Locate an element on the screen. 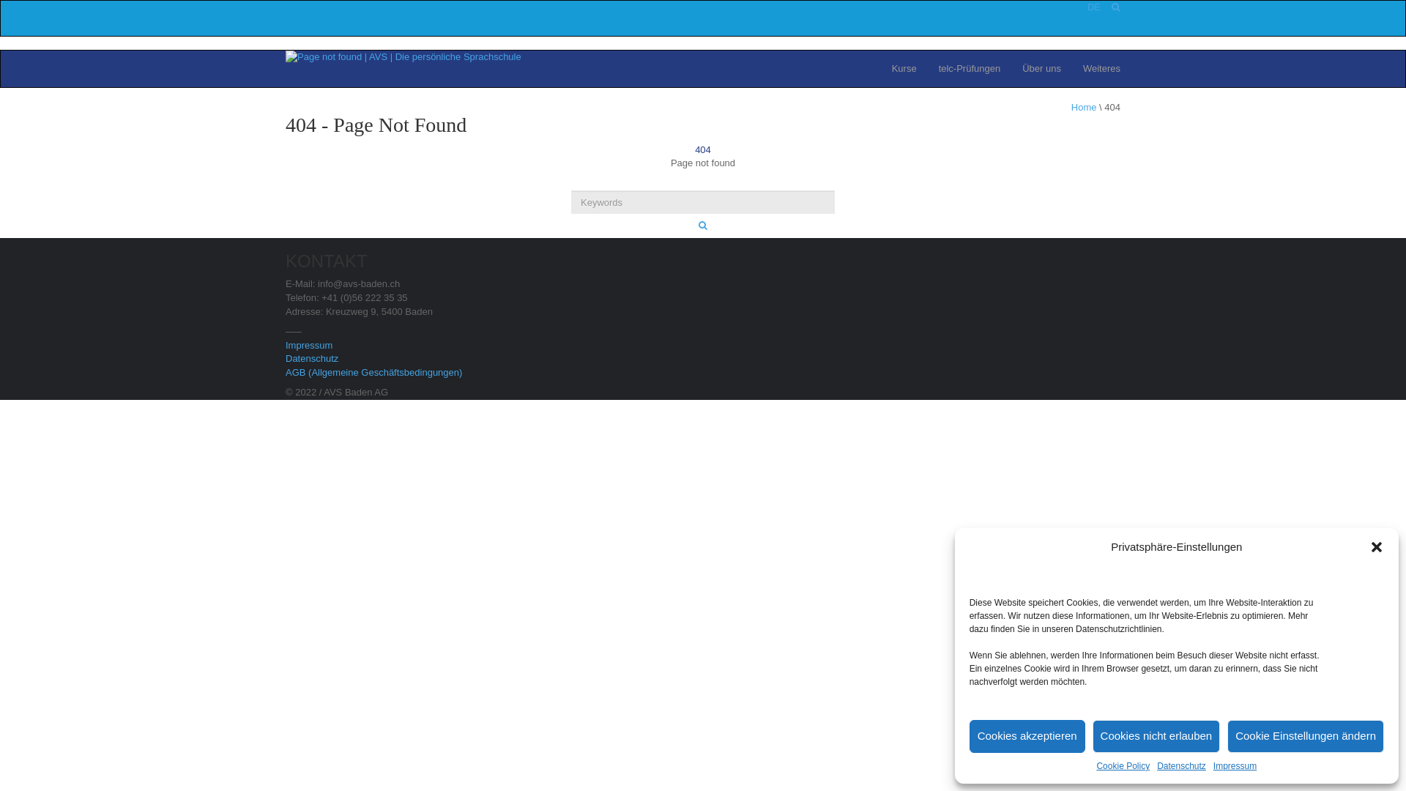 This screenshot has width=1406, height=791. 'Cookie Policy' is located at coordinates (1122, 765).